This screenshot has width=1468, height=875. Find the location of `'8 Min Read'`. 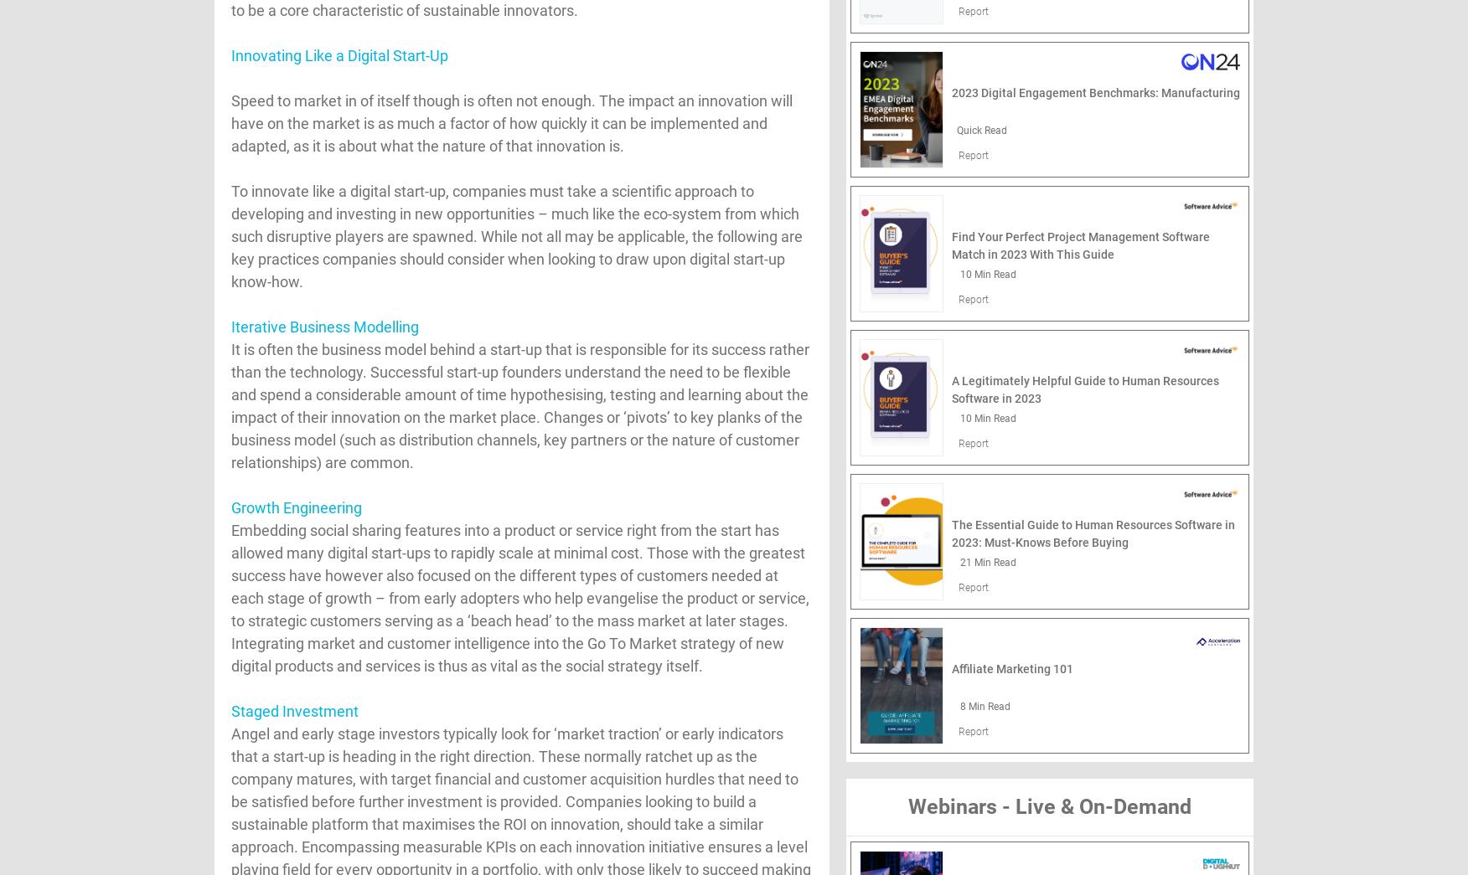

'8 Min Read' is located at coordinates (985, 706).